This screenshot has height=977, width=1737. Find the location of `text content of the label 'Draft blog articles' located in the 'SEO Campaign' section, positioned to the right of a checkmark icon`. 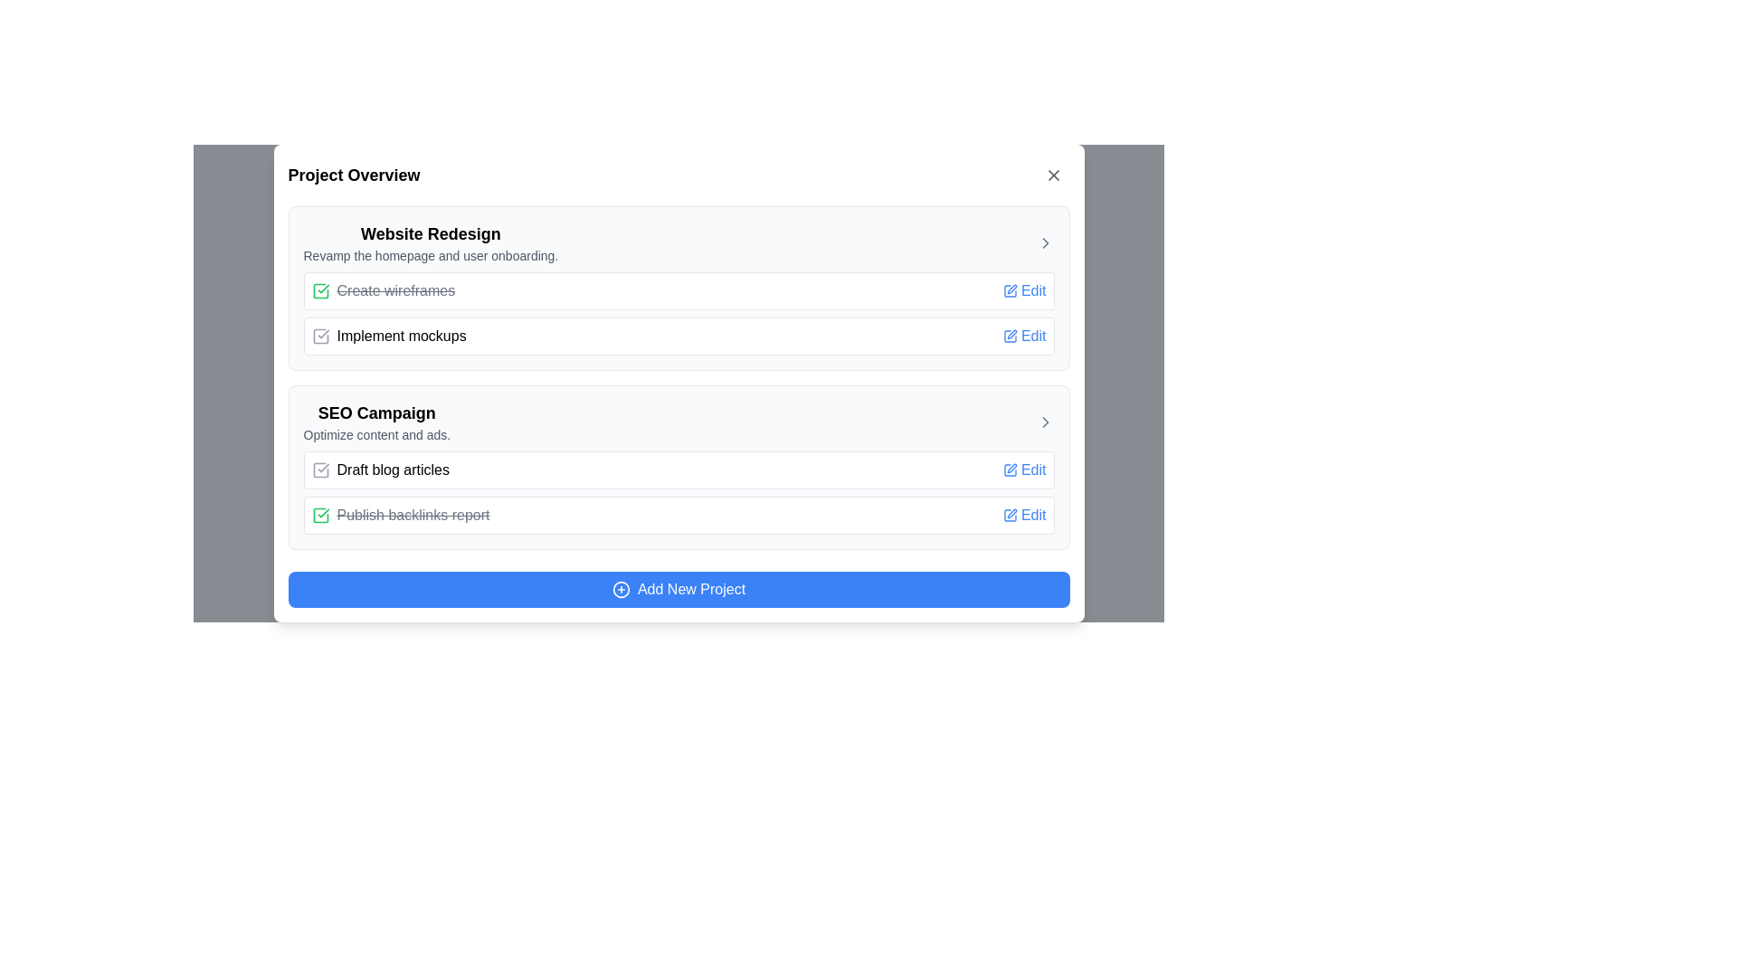

text content of the label 'Draft blog articles' located in the 'SEO Campaign' section, positioned to the right of a checkmark icon is located at coordinates (392, 470).